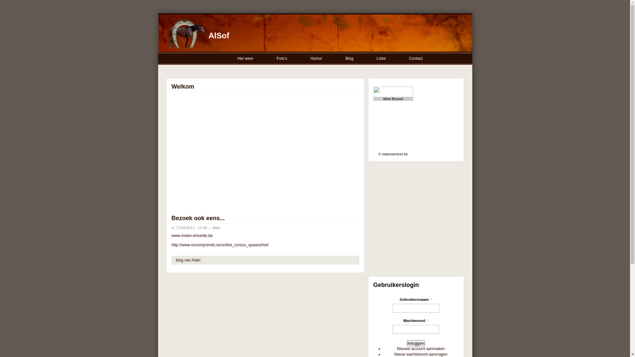  Describe the element at coordinates (188, 259) in the screenshot. I see `'blog van Alain'` at that location.